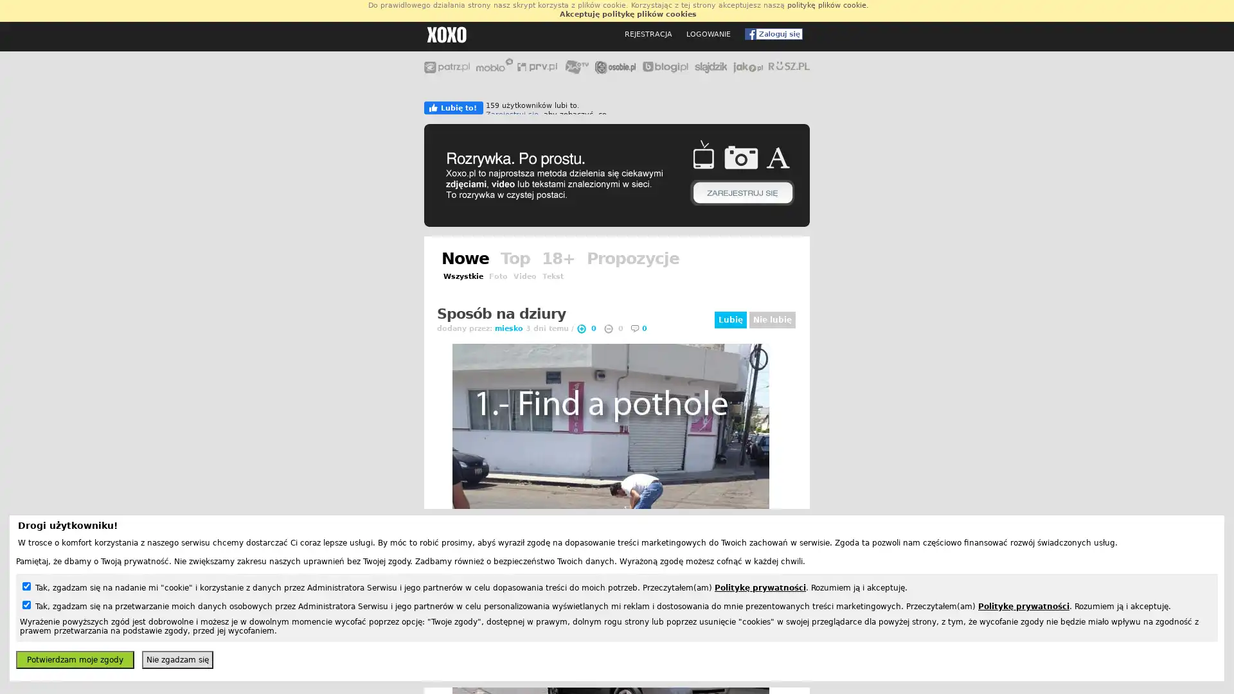 The image size is (1234, 694). What do you see at coordinates (177, 659) in the screenshot?
I see `Nie zgadzam sie` at bounding box center [177, 659].